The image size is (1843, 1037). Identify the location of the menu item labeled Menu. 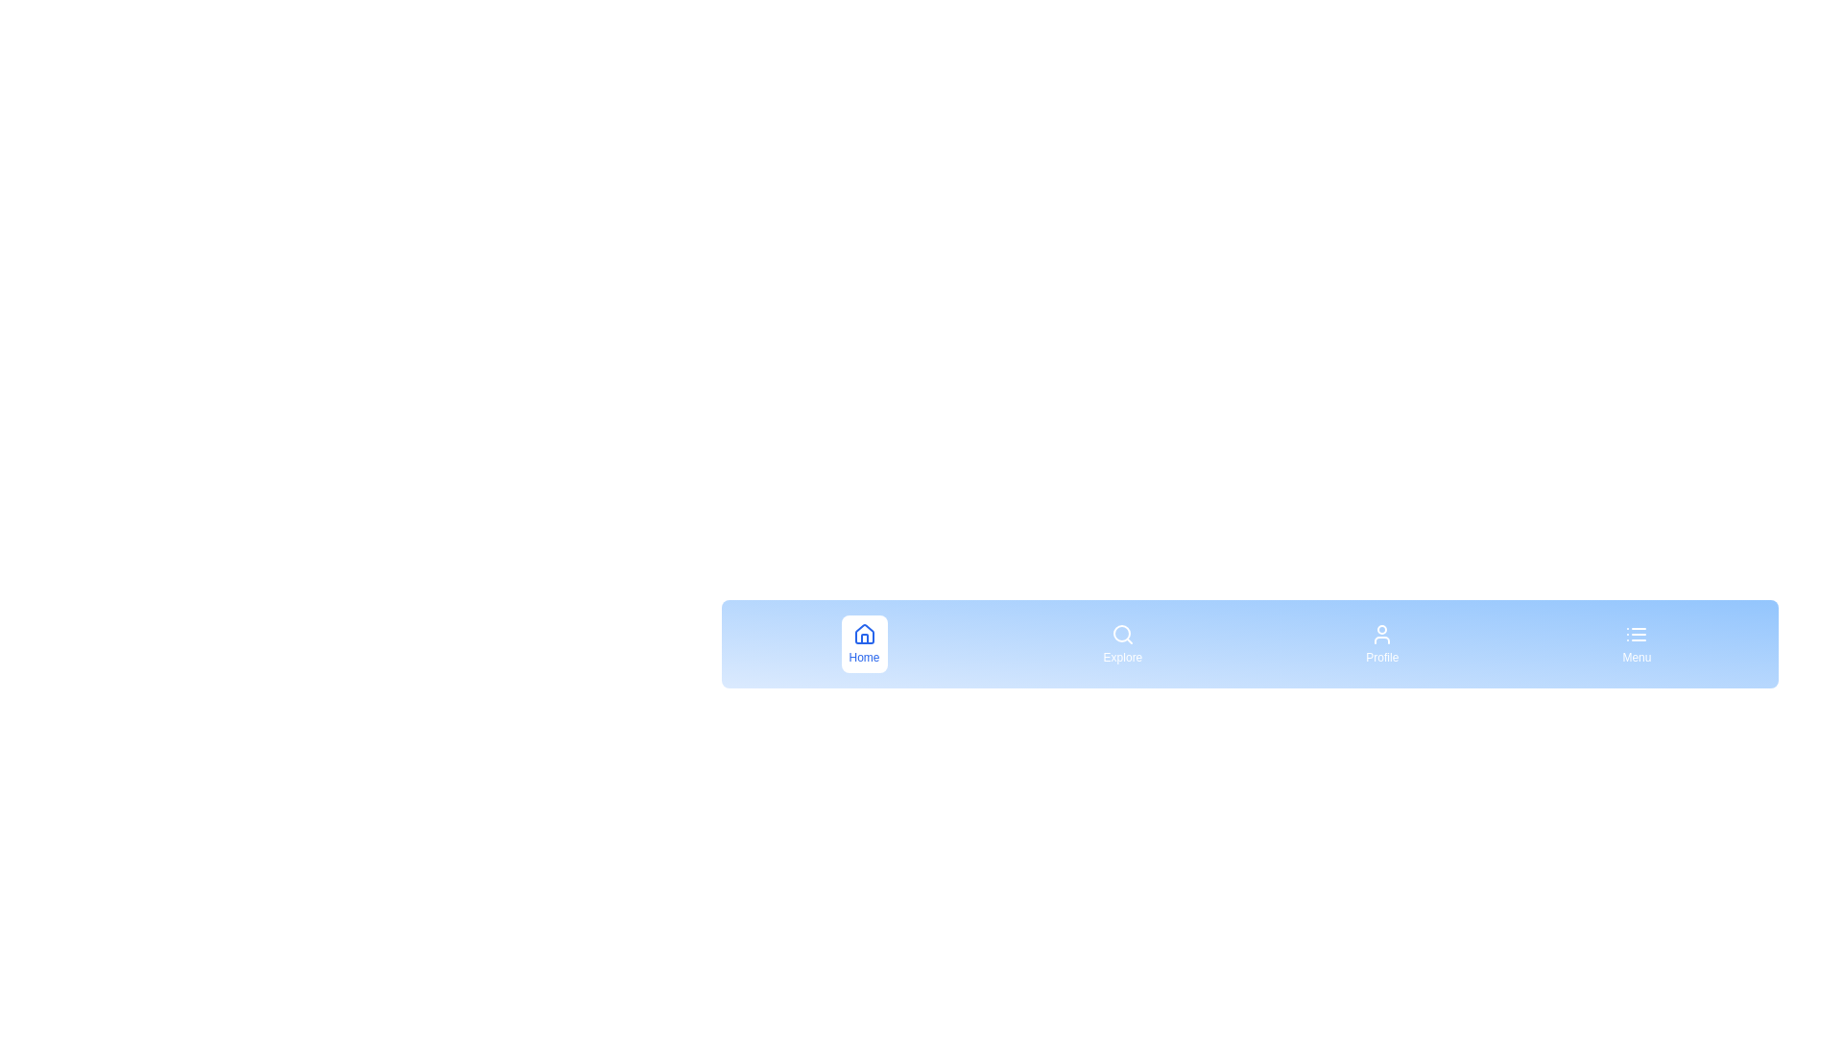
(1636, 644).